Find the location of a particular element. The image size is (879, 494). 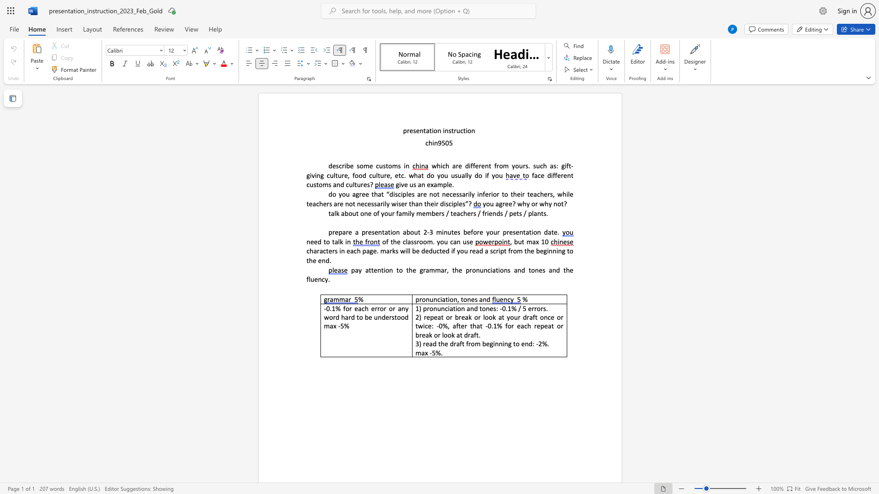

the subset text "ax 1" within the text ", but max 10" is located at coordinates (532, 241).